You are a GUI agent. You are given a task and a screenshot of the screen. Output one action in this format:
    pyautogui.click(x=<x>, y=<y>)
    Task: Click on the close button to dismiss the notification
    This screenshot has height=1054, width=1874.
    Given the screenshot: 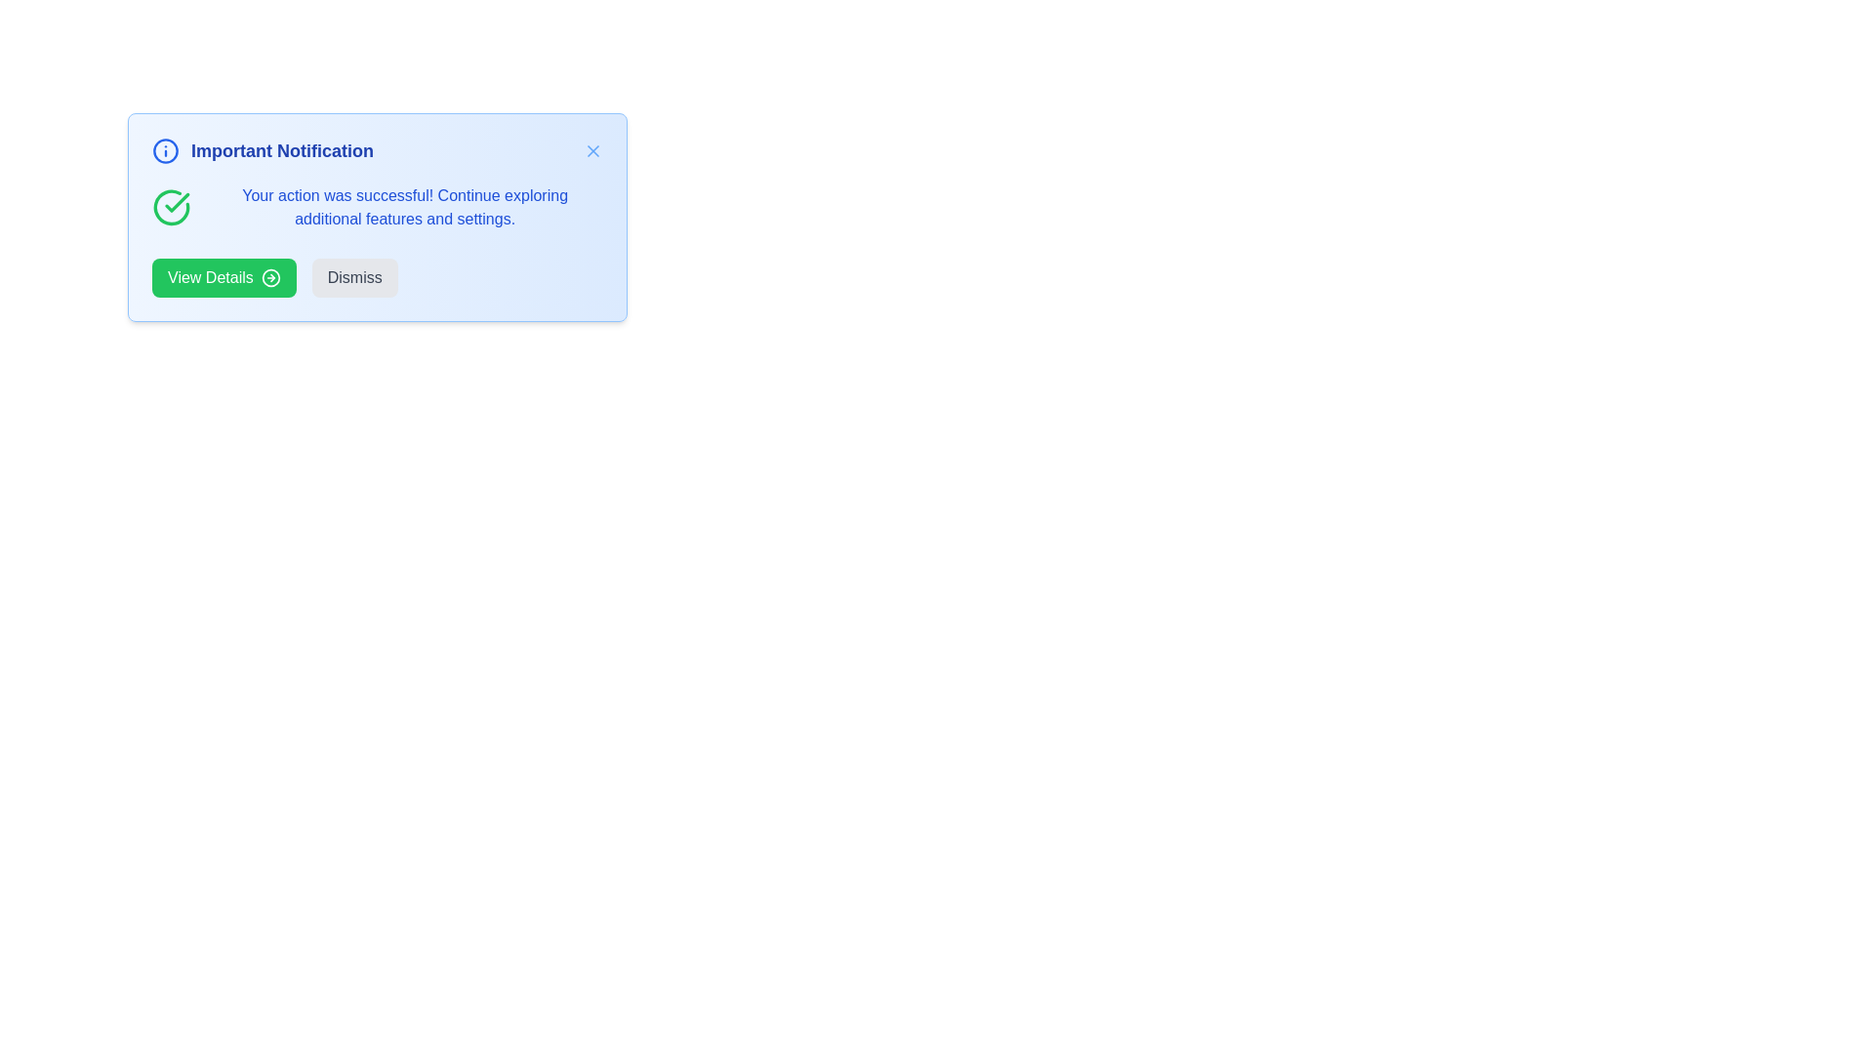 What is the action you would take?
    pyautogui.click(x=592, y=149)
    